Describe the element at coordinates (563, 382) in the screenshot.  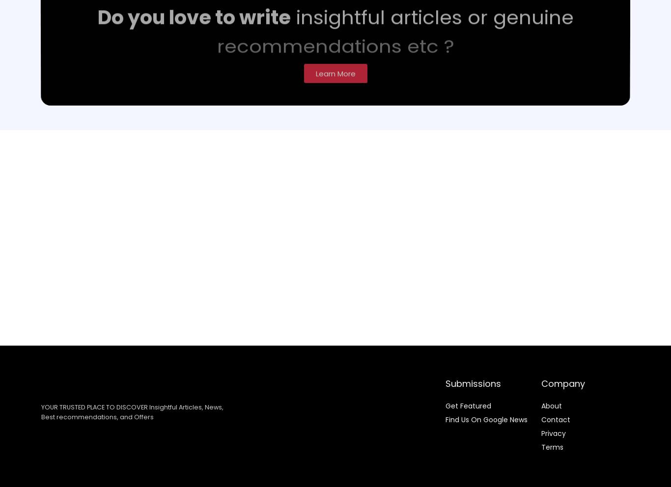
I see `'Company'` at that location.